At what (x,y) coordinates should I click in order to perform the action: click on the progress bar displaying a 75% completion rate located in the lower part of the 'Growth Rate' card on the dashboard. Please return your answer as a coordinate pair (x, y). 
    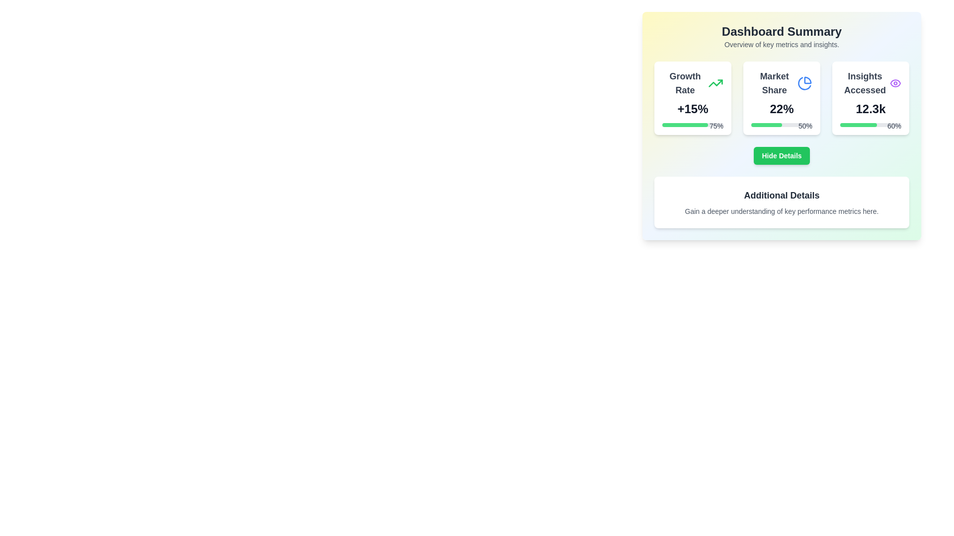
    Looking at the image, I should click on (692, 124).